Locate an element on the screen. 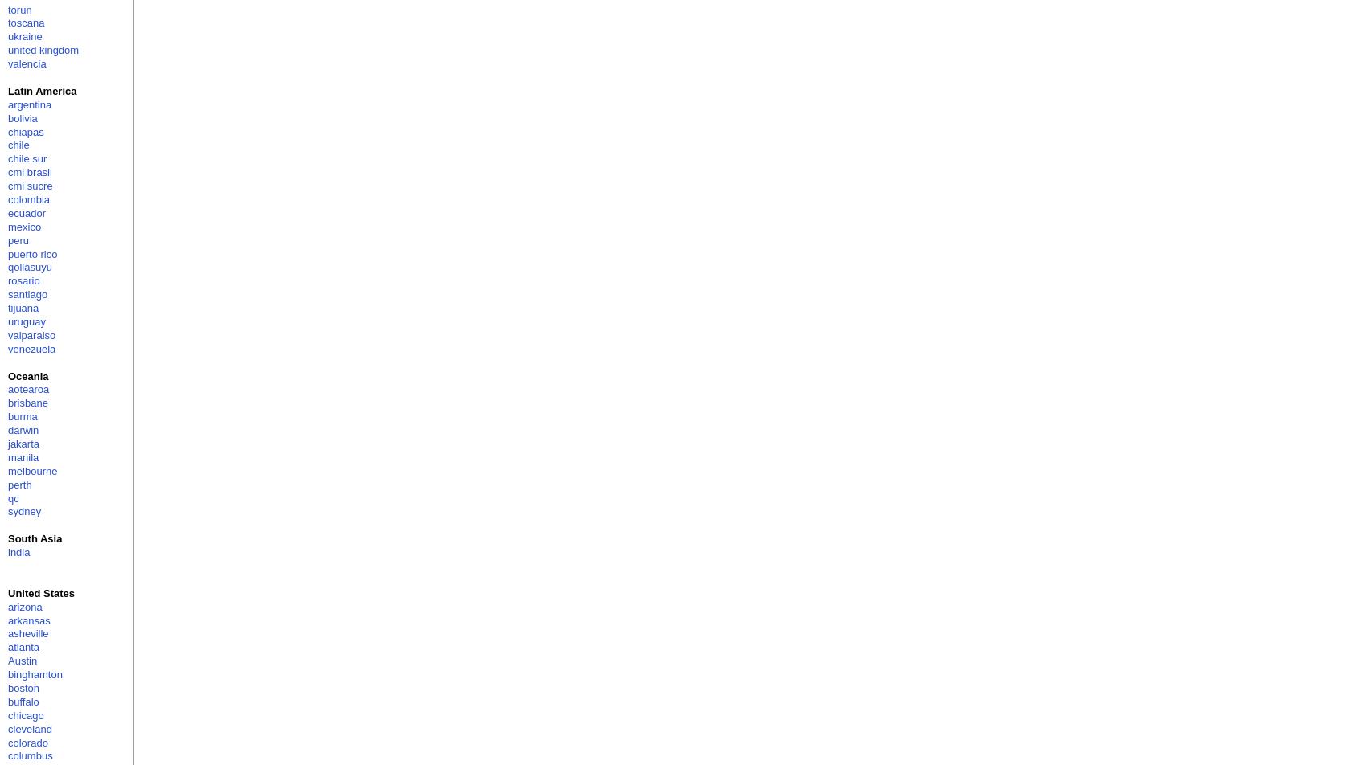  'aotearoa' is located at coordinates (27, 389).